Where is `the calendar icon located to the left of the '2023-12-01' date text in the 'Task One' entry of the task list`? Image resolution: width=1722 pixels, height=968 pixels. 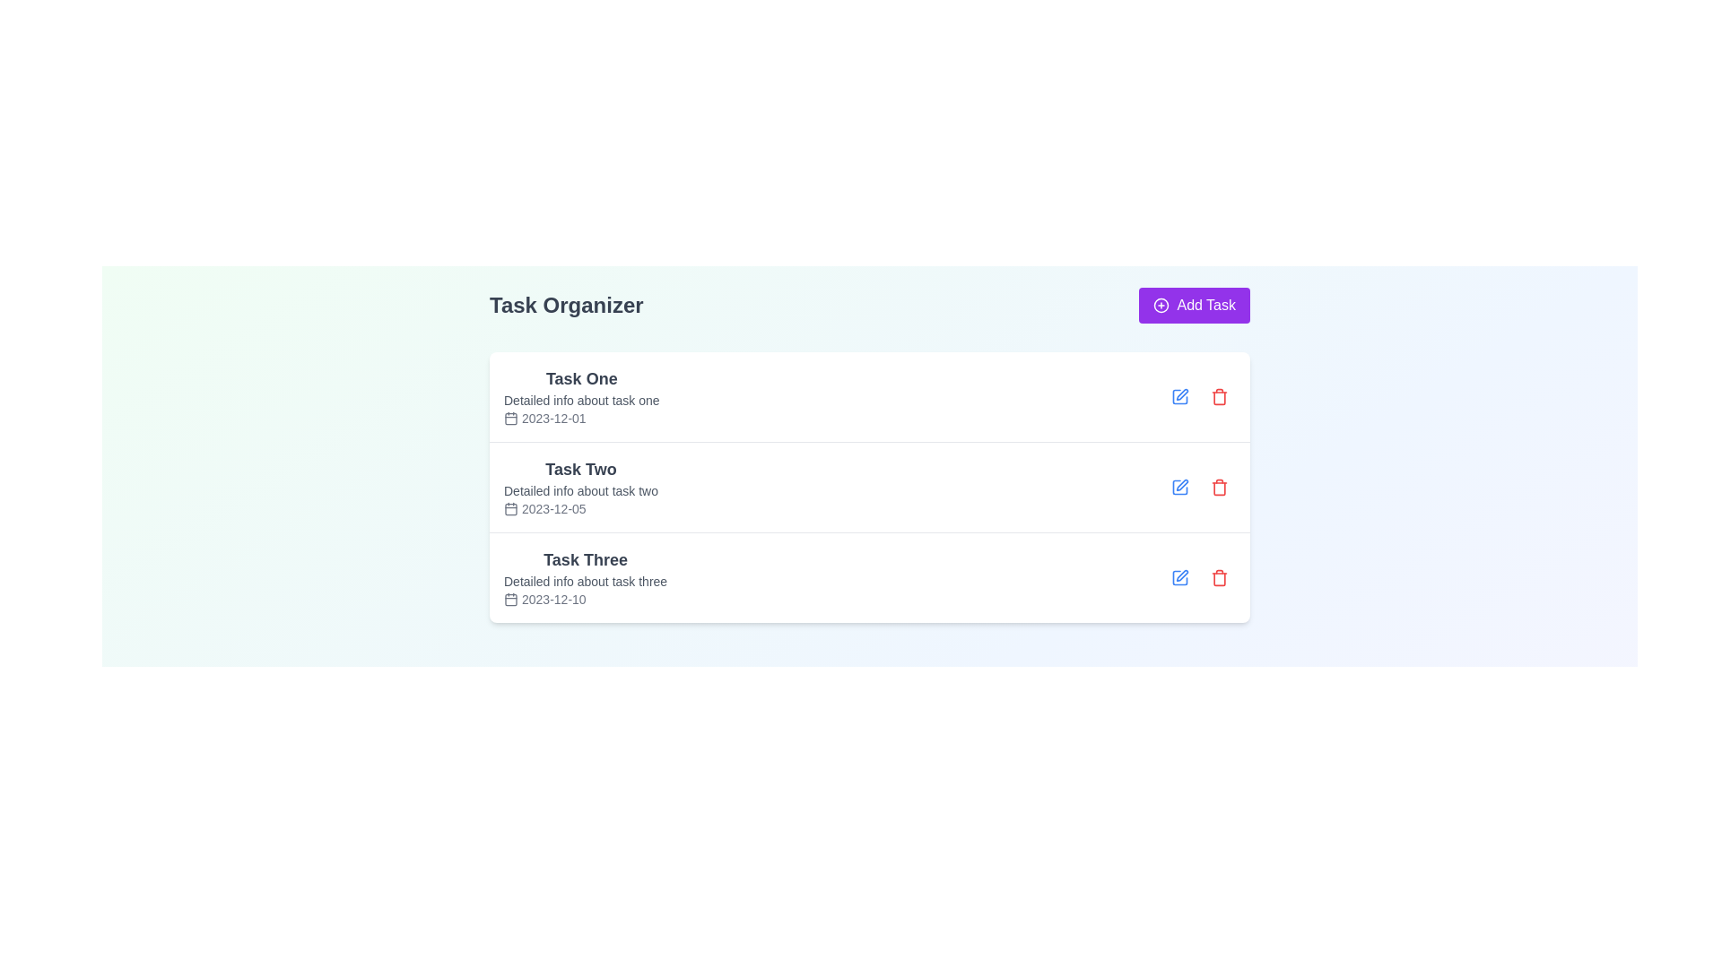 the calendar icon located to the left of the '2023-12-01' date text in the 'Task One' entry of the task list is located at coordinates (510, 418).